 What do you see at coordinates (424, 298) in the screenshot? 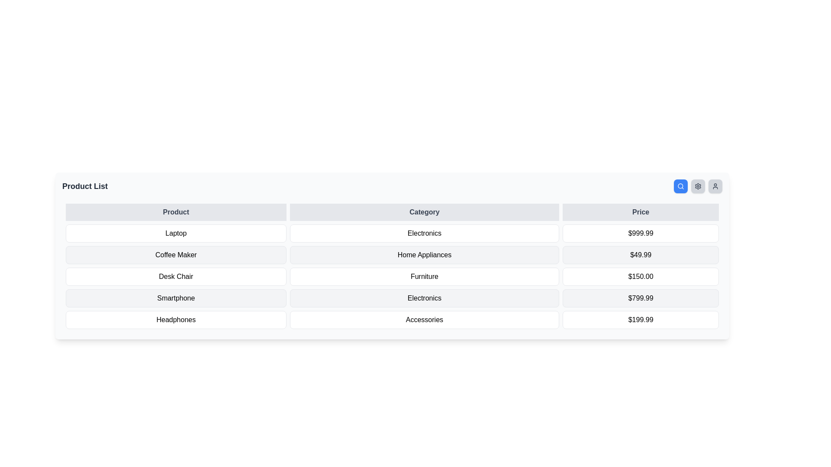
I see `the table cell containing the text 'Electronics', located in the second column of the 'Smartphone' row` at bounding box center [424, 298].